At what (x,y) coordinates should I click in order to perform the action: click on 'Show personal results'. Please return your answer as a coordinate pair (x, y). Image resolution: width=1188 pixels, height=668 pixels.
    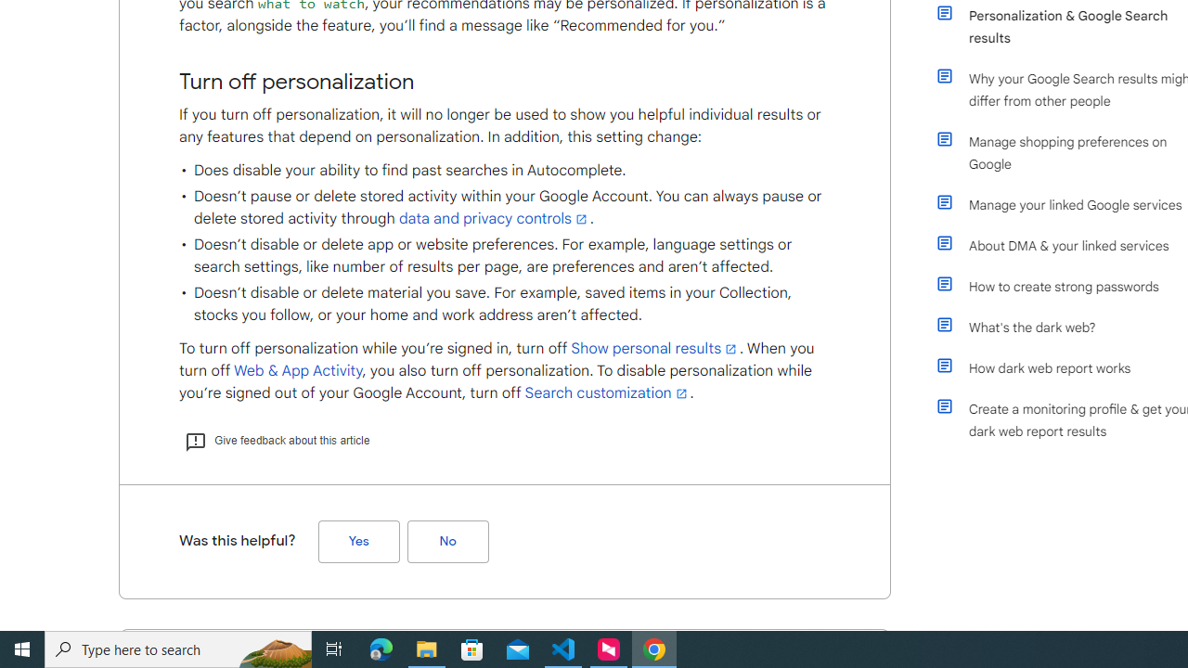
    Looking at the image, I should click on (654, 348).